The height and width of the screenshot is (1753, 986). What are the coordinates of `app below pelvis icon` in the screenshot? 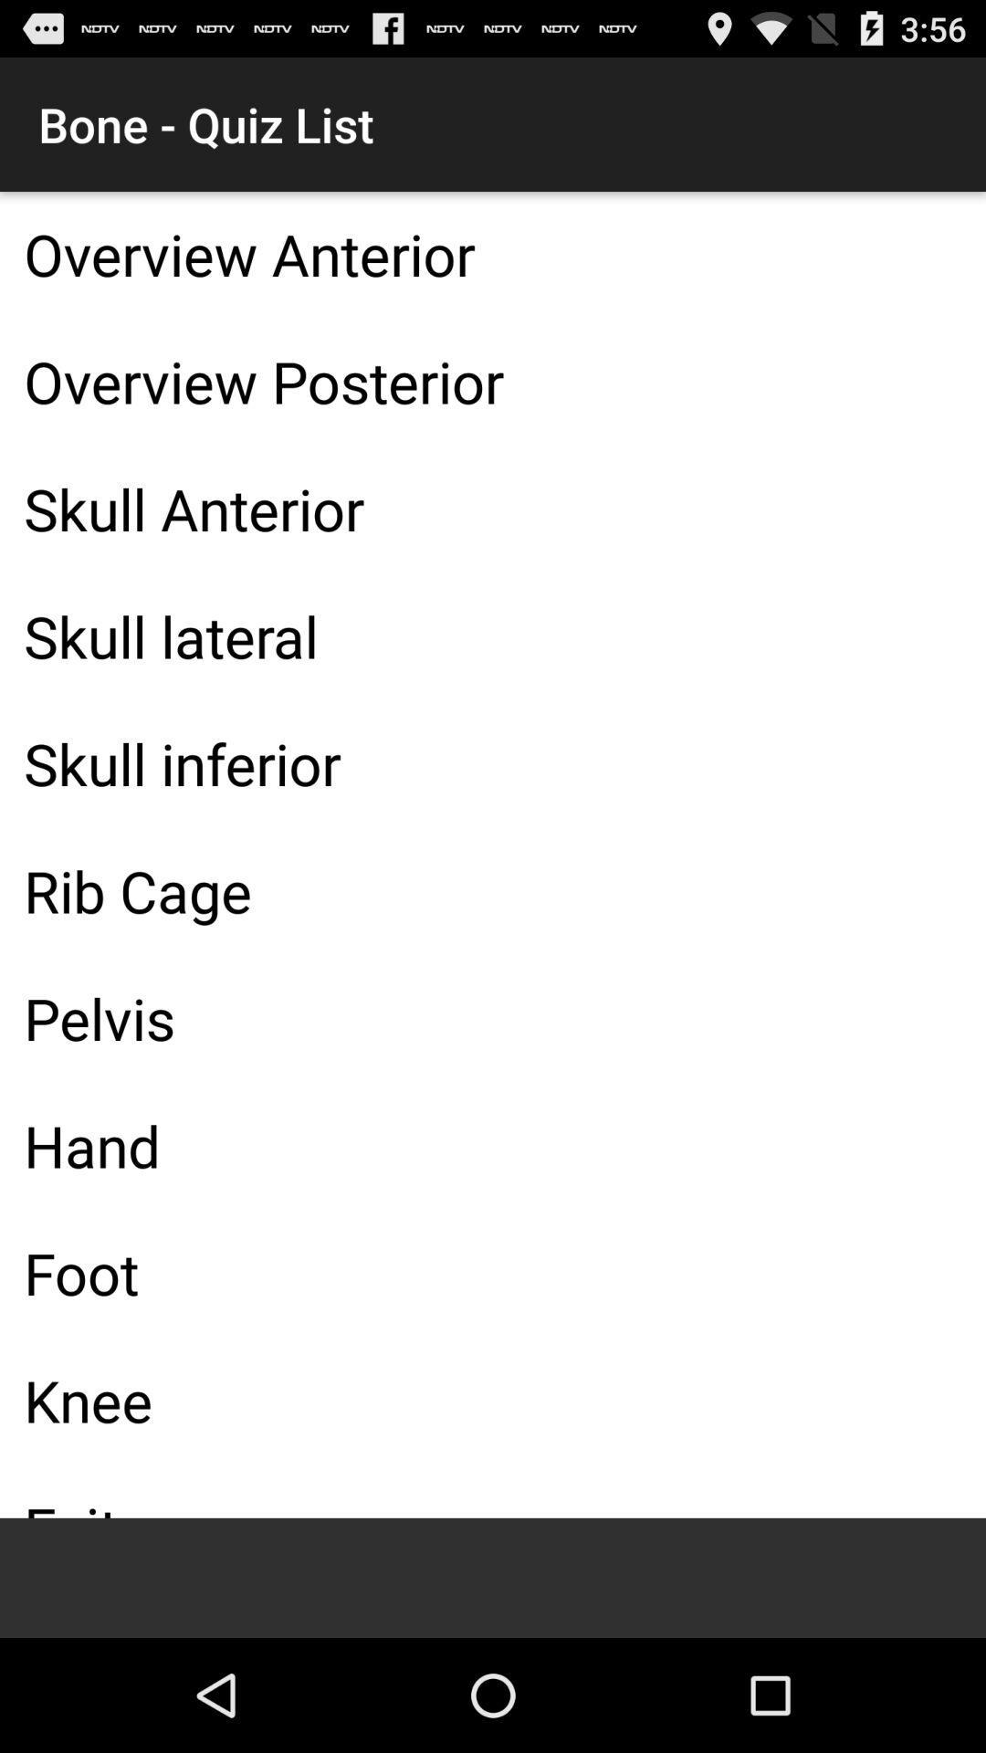 It's located at (493, 1144).